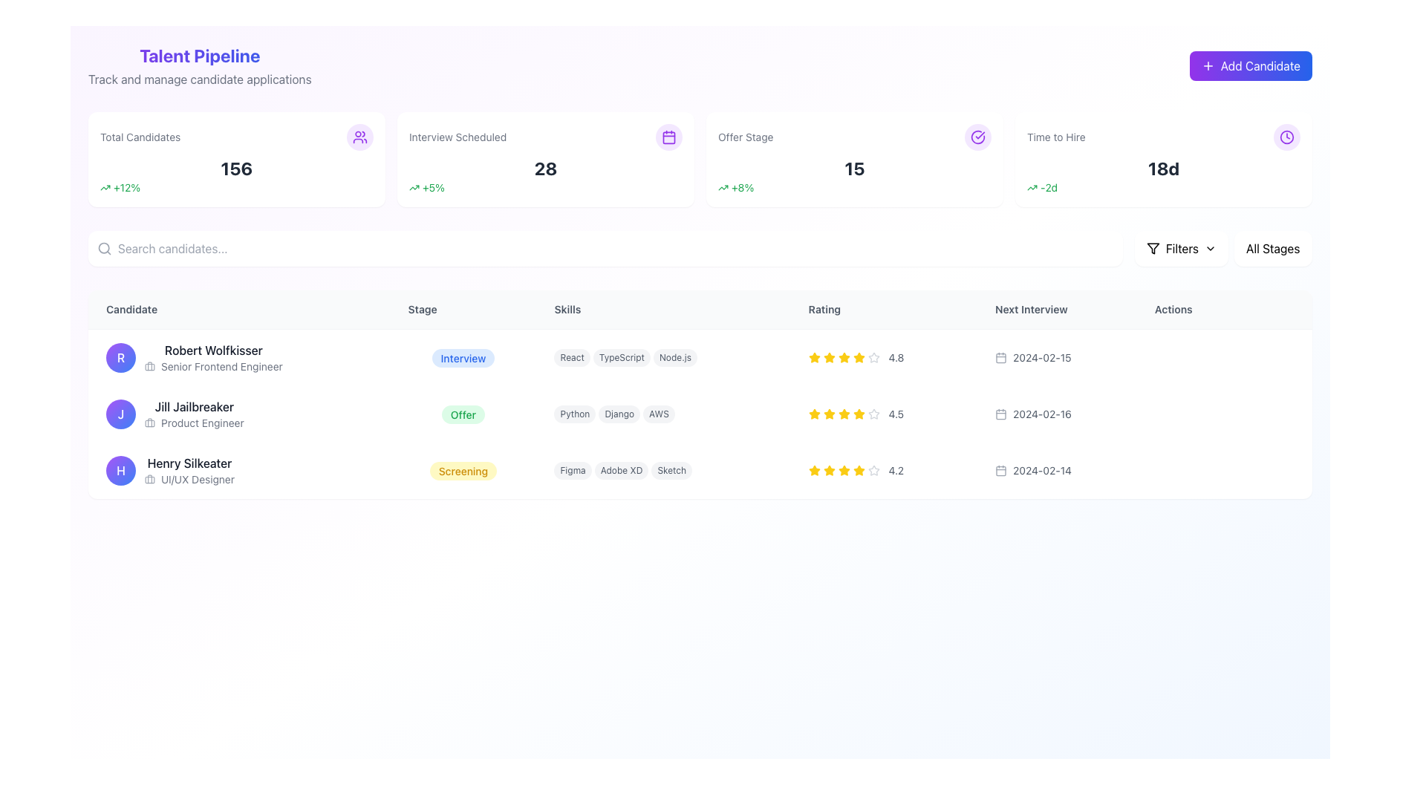  I want to click on the circular icon with a purple outlined circle and checkmark inside, located at the top-right corner of the 'Offer Stage' section in the dashboard interface, so click(977, 137).